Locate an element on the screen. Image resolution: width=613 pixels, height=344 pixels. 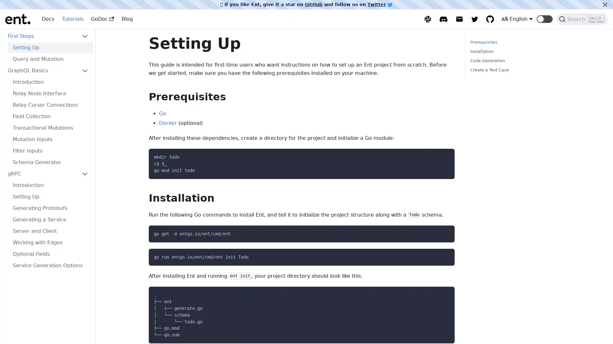
Copy code to clipboard is located at coordinates (444, 255).